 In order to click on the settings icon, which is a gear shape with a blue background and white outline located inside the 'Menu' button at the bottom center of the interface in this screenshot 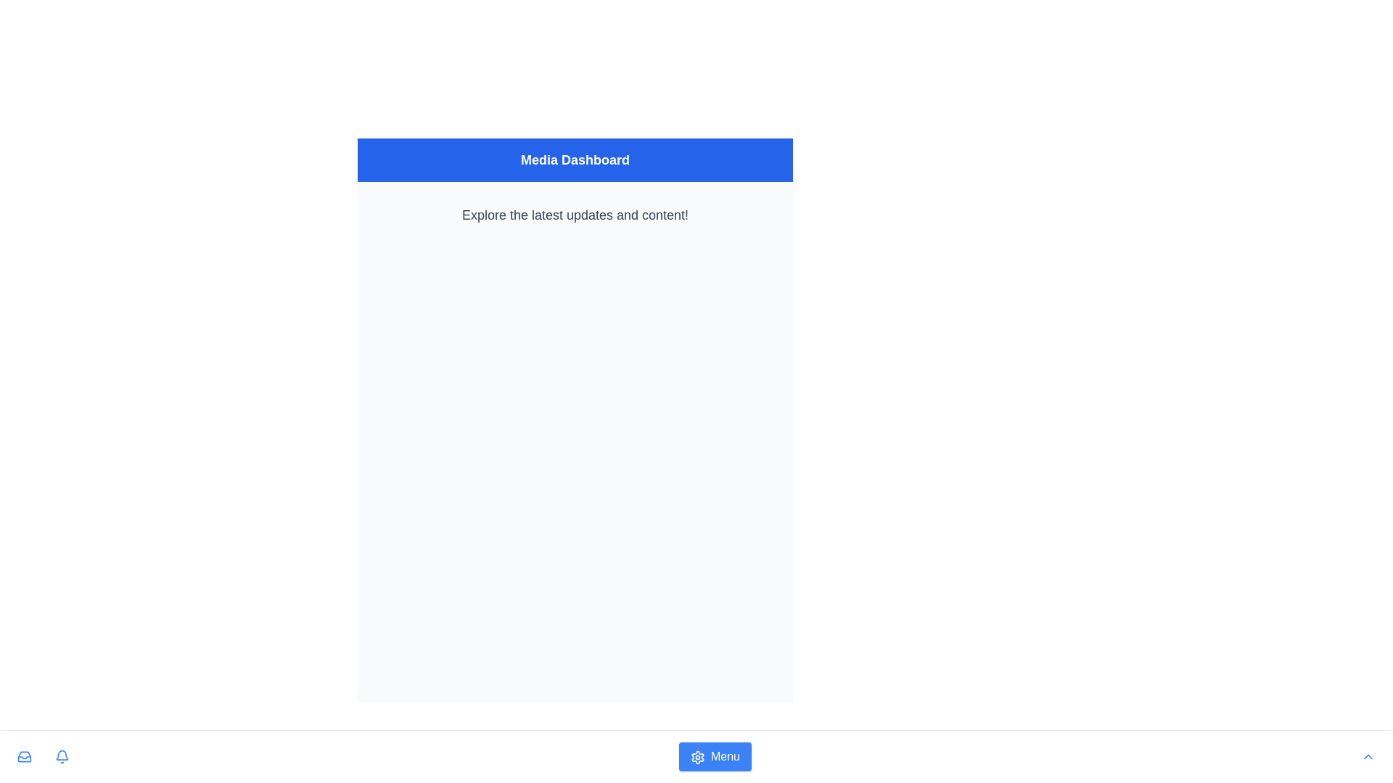, I will do `click(697, 756)`.